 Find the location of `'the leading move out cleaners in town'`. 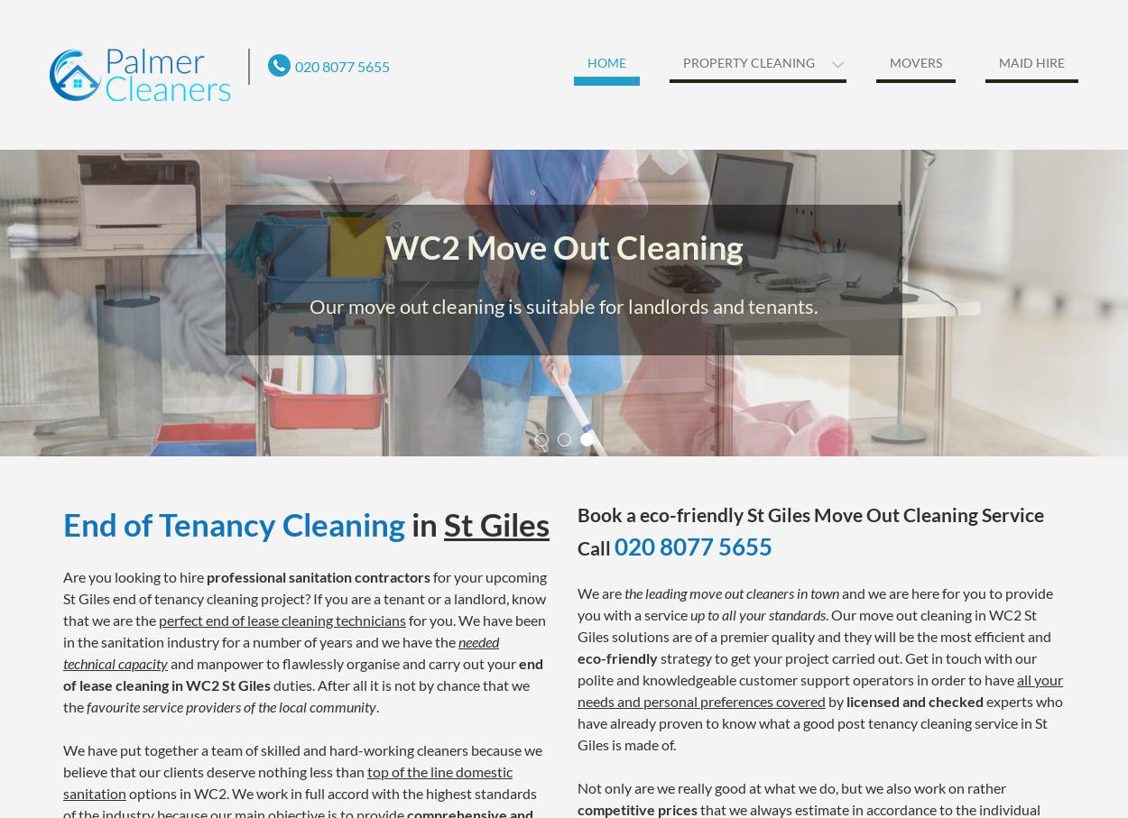

'the leading move out cleaners in town' is located at coordinates (732, 592).